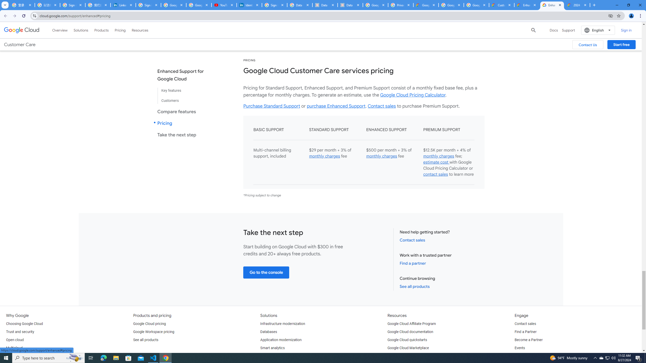  What do you see at coordinates (436, 162) in the screenshot?
I see `'estimate cost '` at bounding box center [436, 162].